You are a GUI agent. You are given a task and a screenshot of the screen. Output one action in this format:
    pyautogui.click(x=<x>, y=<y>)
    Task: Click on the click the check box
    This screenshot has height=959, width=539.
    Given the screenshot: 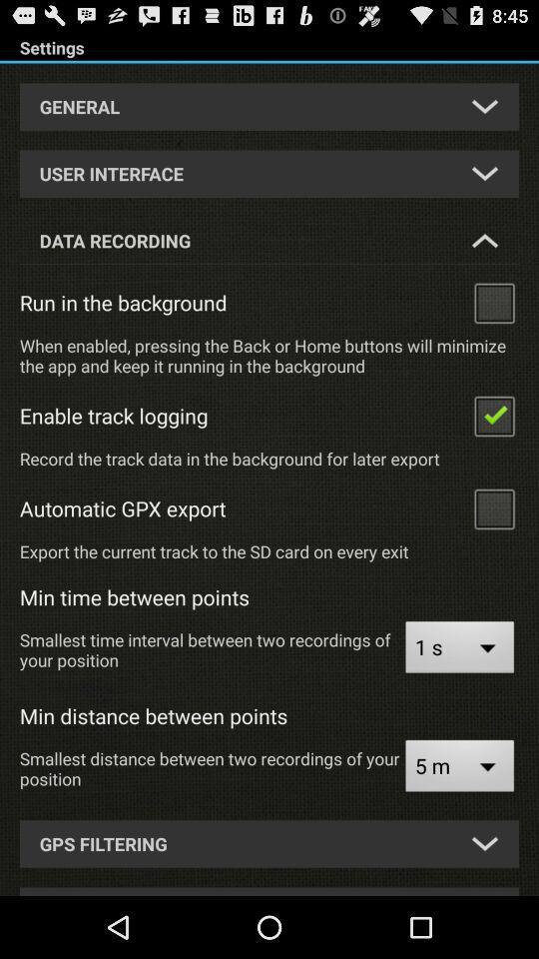 What is the action you would take?
    pyautogui.click(x=493, y=302)
    